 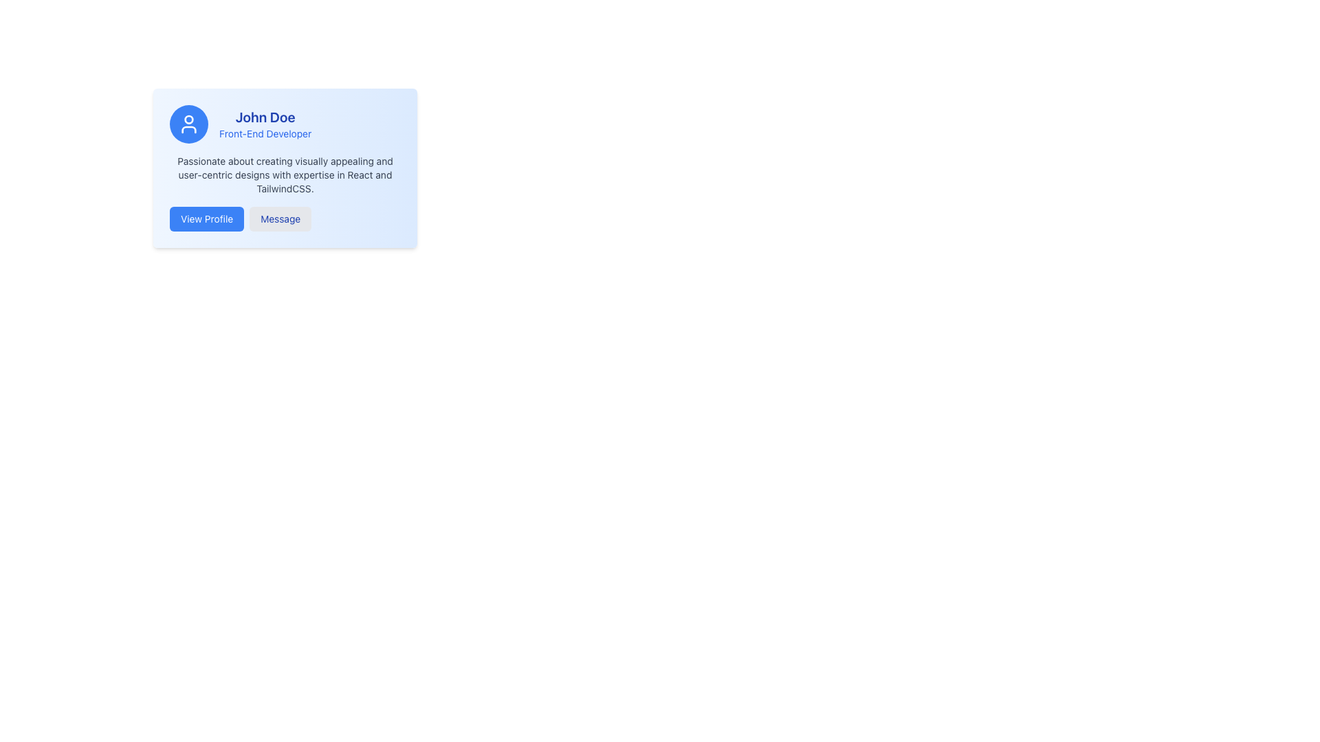 What do you see at coordinates (284, 124) in the screenshot?
I see `the profile header section that displays the user's name, role, and avatar, which is located at the upper part of the card layout` at bounding box center [284, 124].